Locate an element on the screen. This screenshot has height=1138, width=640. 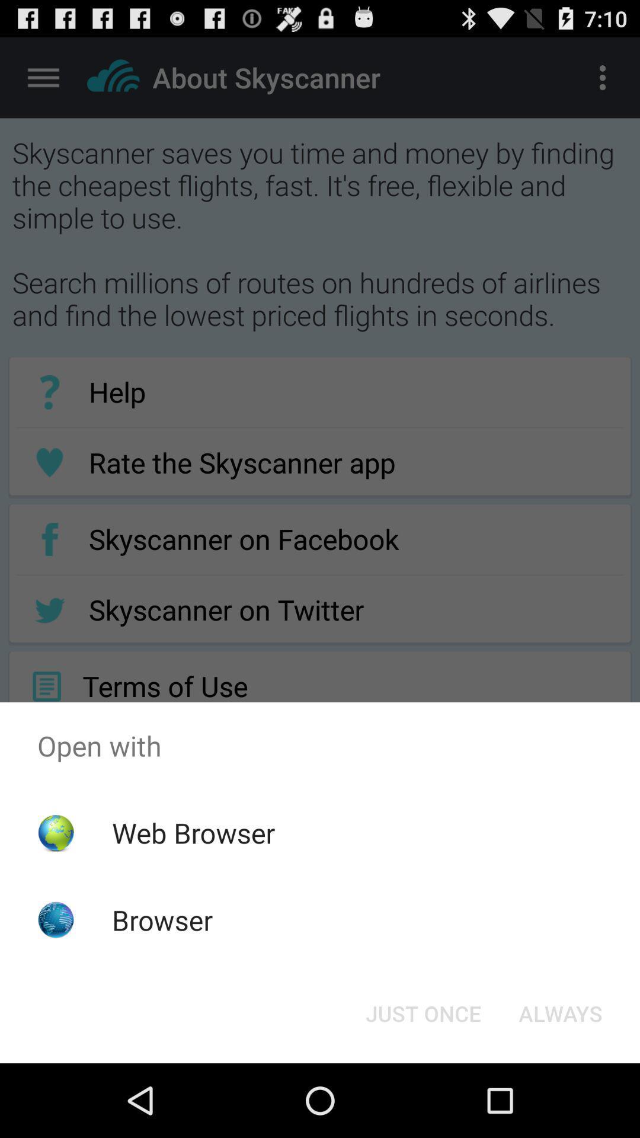
the icon next to always item is located at coordinates (423, 1012).